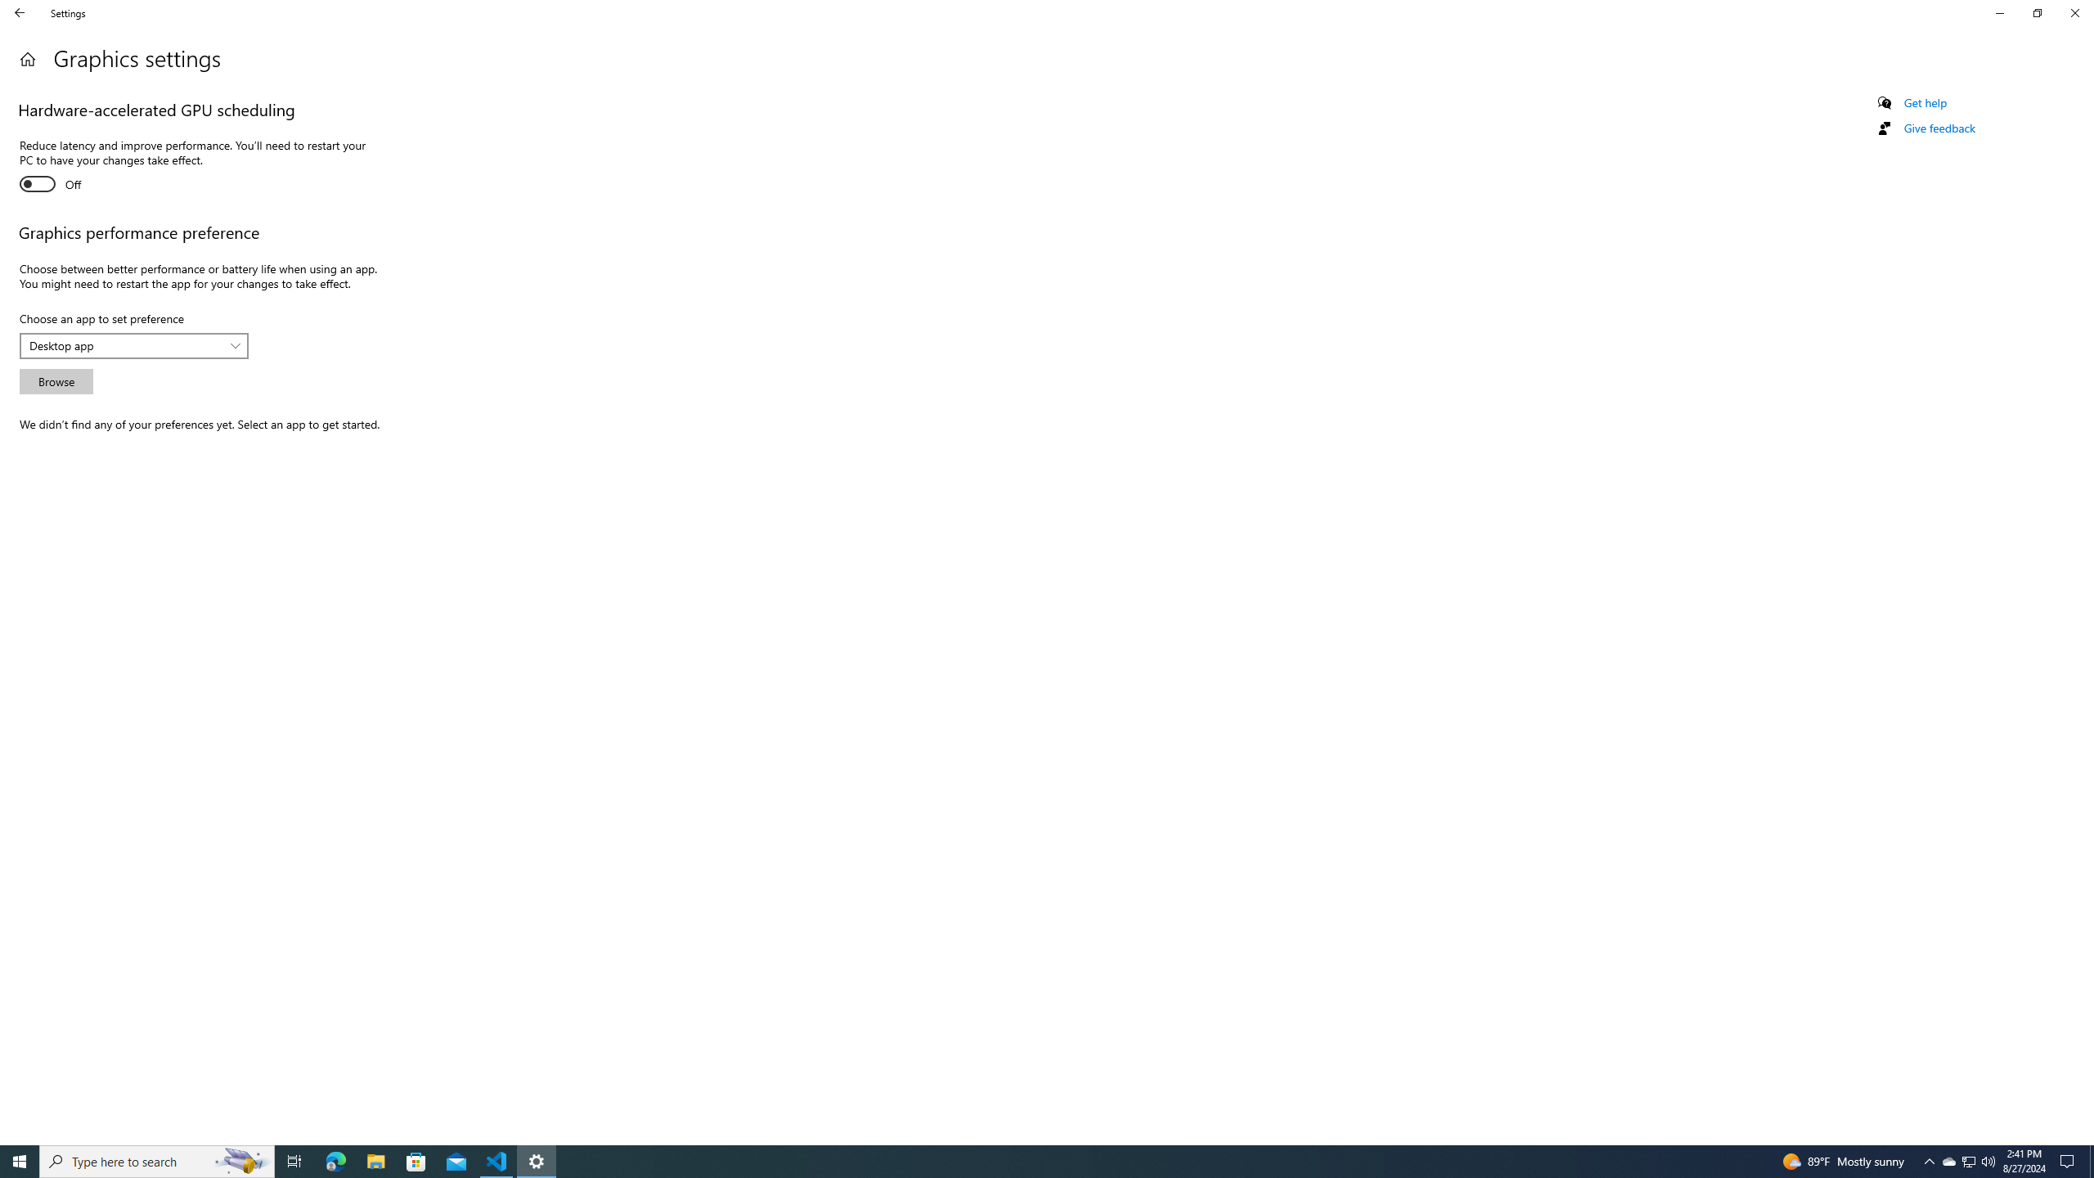 The image size is (2094, 1178). What do you see at coordinates (497, 1160) in the screenshot?
I see `'Visual Studio Code - 1 running window'` at bounding box center [497, 1160].